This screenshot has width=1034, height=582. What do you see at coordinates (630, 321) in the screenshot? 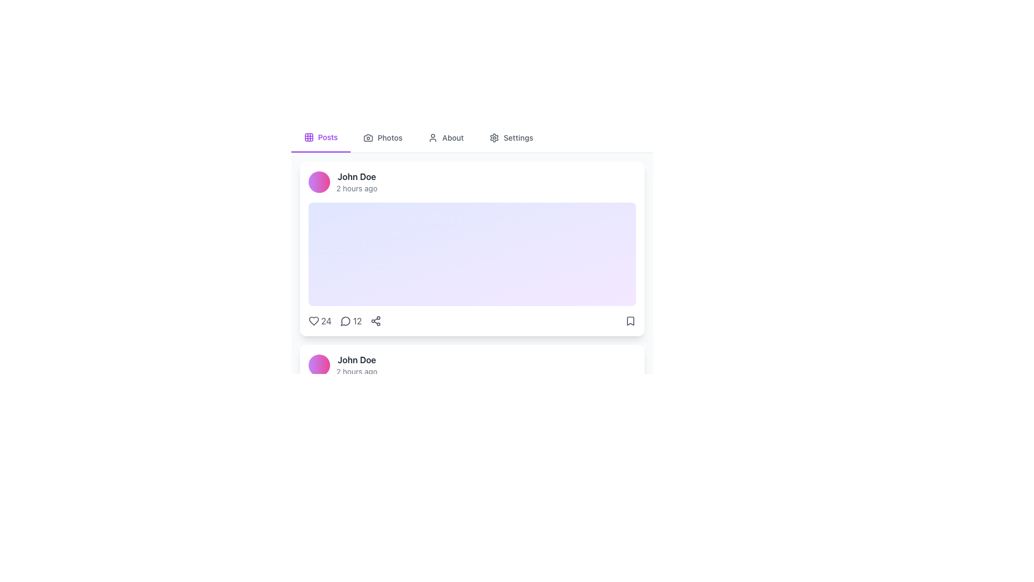
I see `the bookmark-shaped icon button with a gray color` at bounding box center [630, 321].